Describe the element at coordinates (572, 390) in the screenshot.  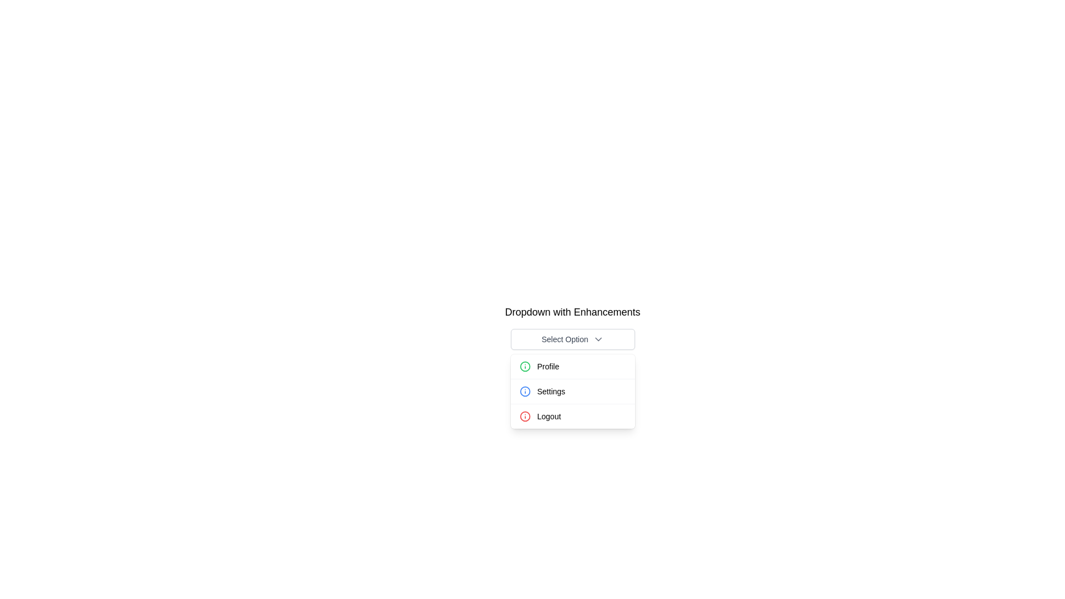
I see `the 'Settings' button, the second item in the dropdown menu` at that location.